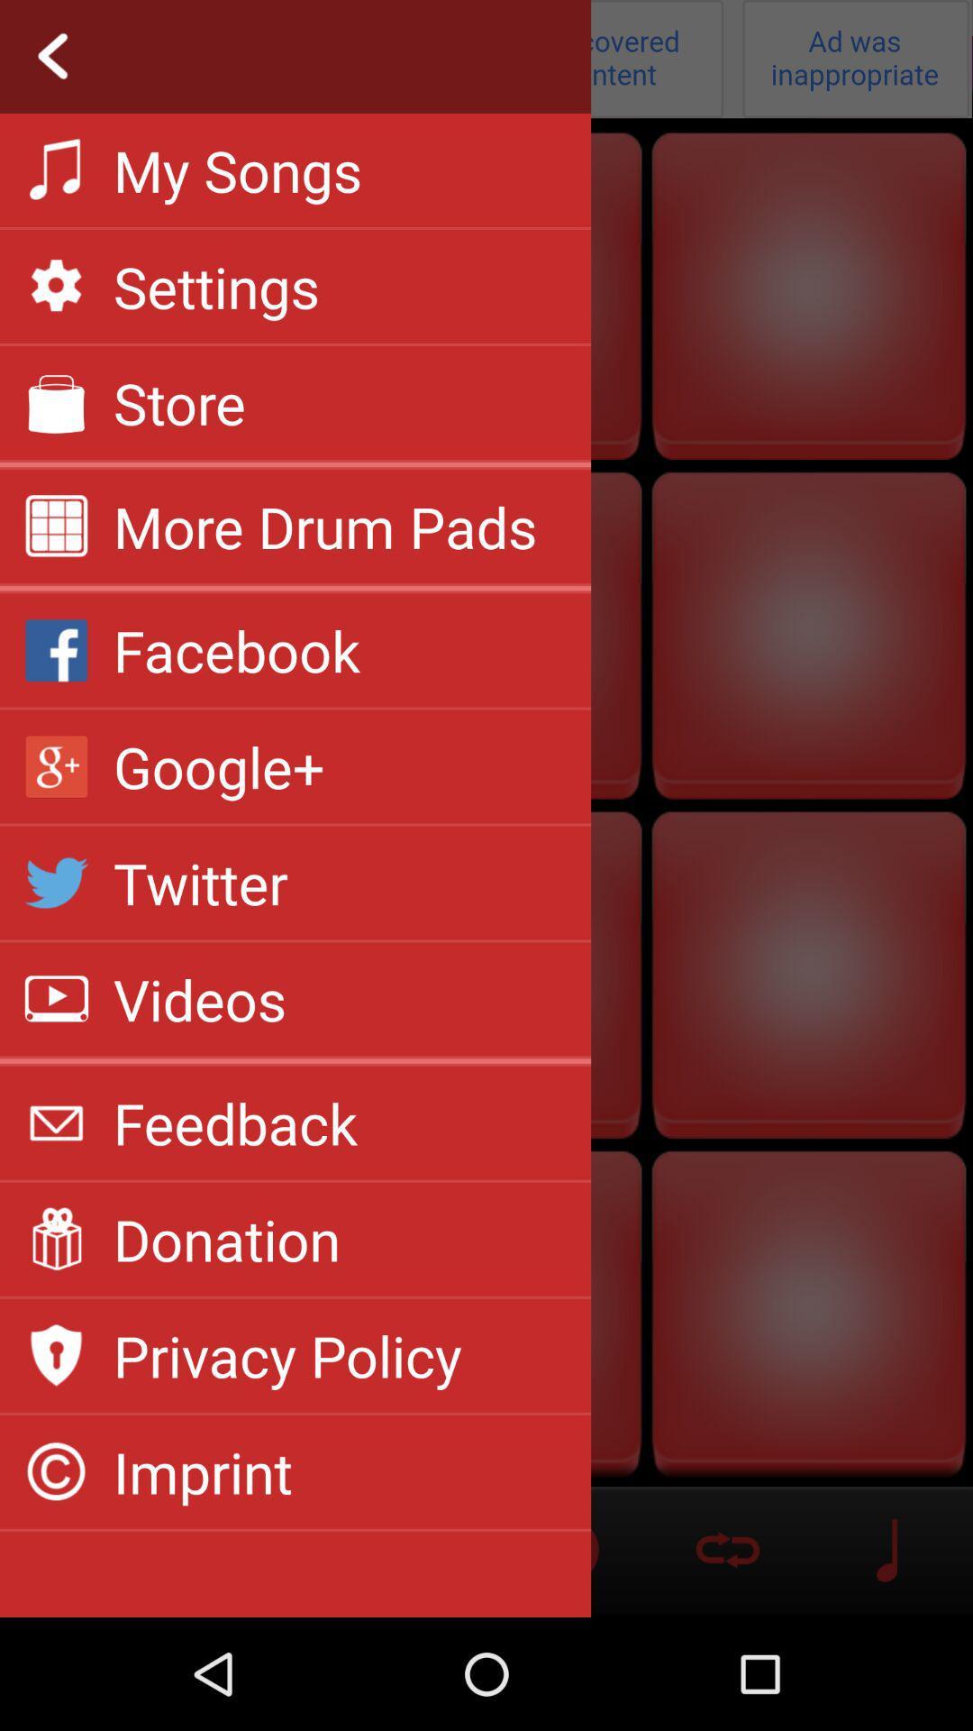 The image size is (973, 1731). Describe the element at coordinates (200, 998) in the screenshot. I see `videos icon` at that location.